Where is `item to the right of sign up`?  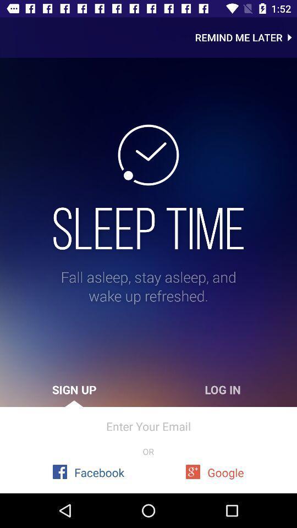
item to the right of sign up is located at coordinates (223, 389).